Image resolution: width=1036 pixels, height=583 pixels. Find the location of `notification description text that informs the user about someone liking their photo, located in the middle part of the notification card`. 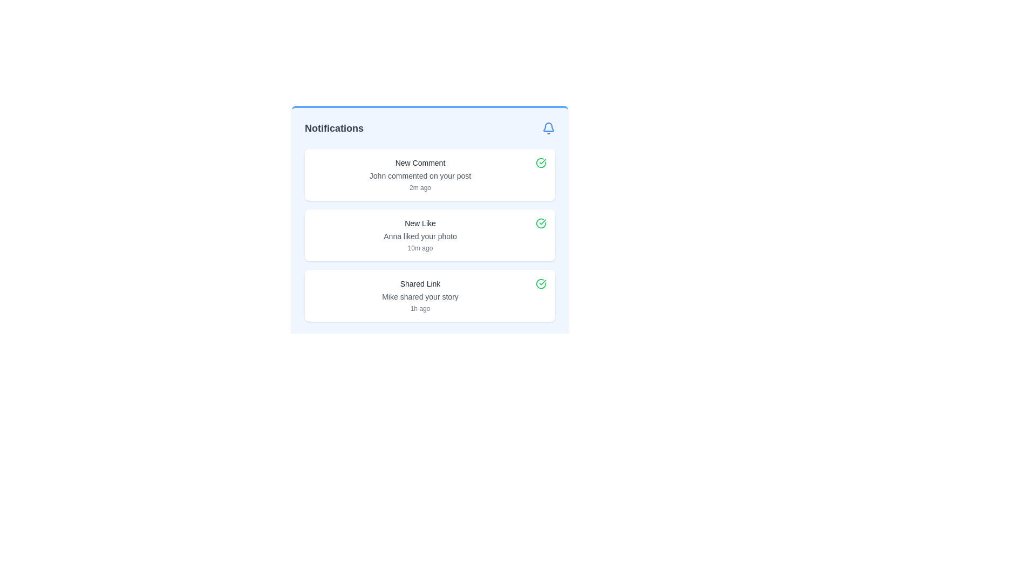

notification description text that informs the user about someone liking their photo, located in the middle part of the notification card is located at coordinates (419, 236).